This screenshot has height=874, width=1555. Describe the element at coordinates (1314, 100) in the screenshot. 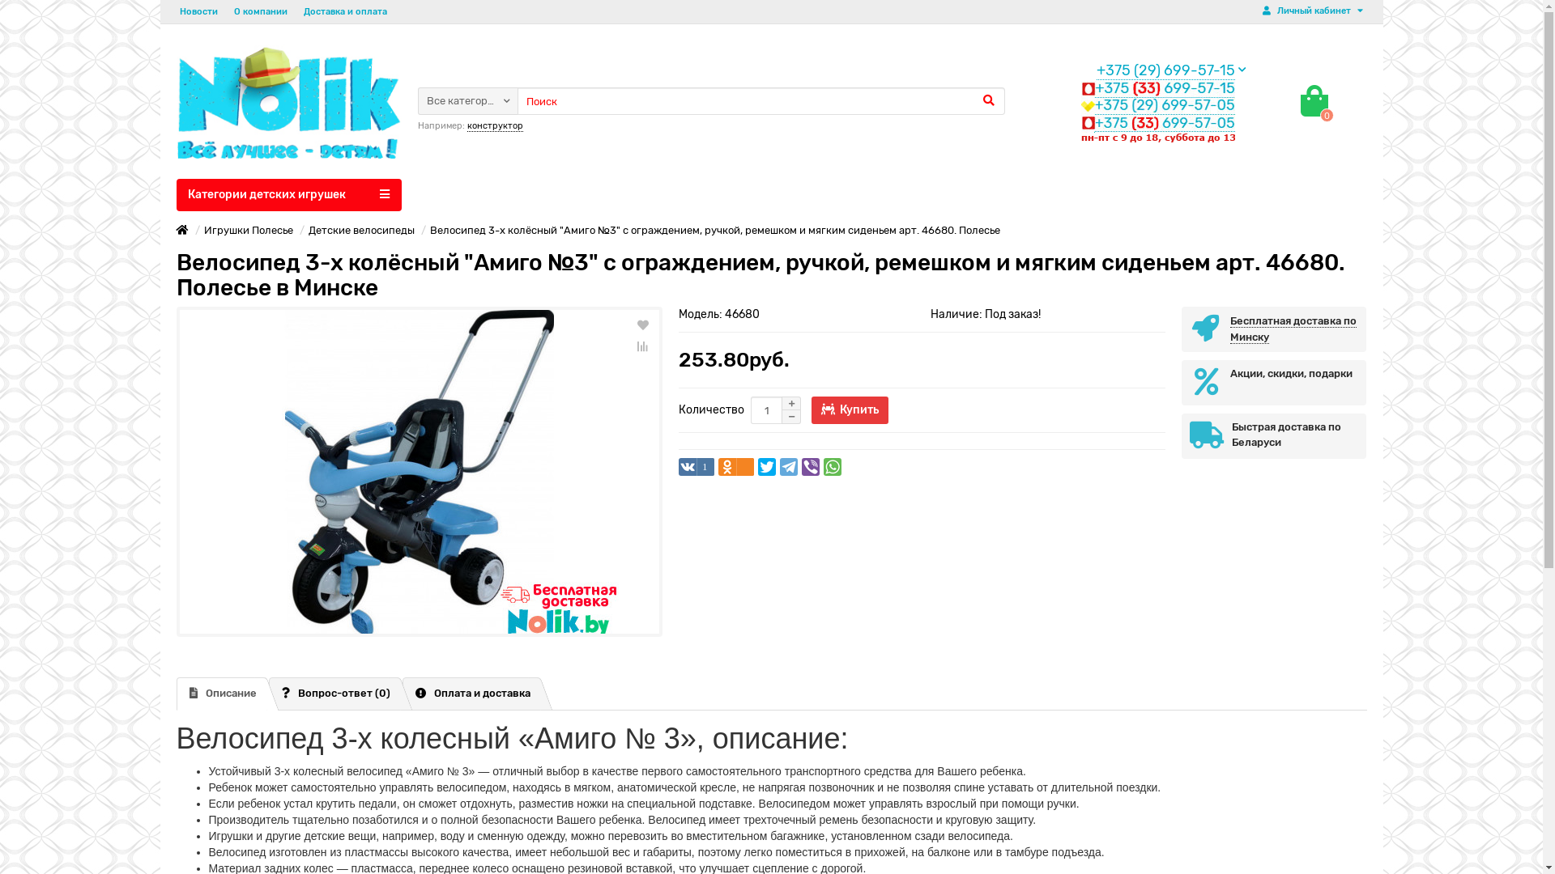

I see `'0'` at that location.